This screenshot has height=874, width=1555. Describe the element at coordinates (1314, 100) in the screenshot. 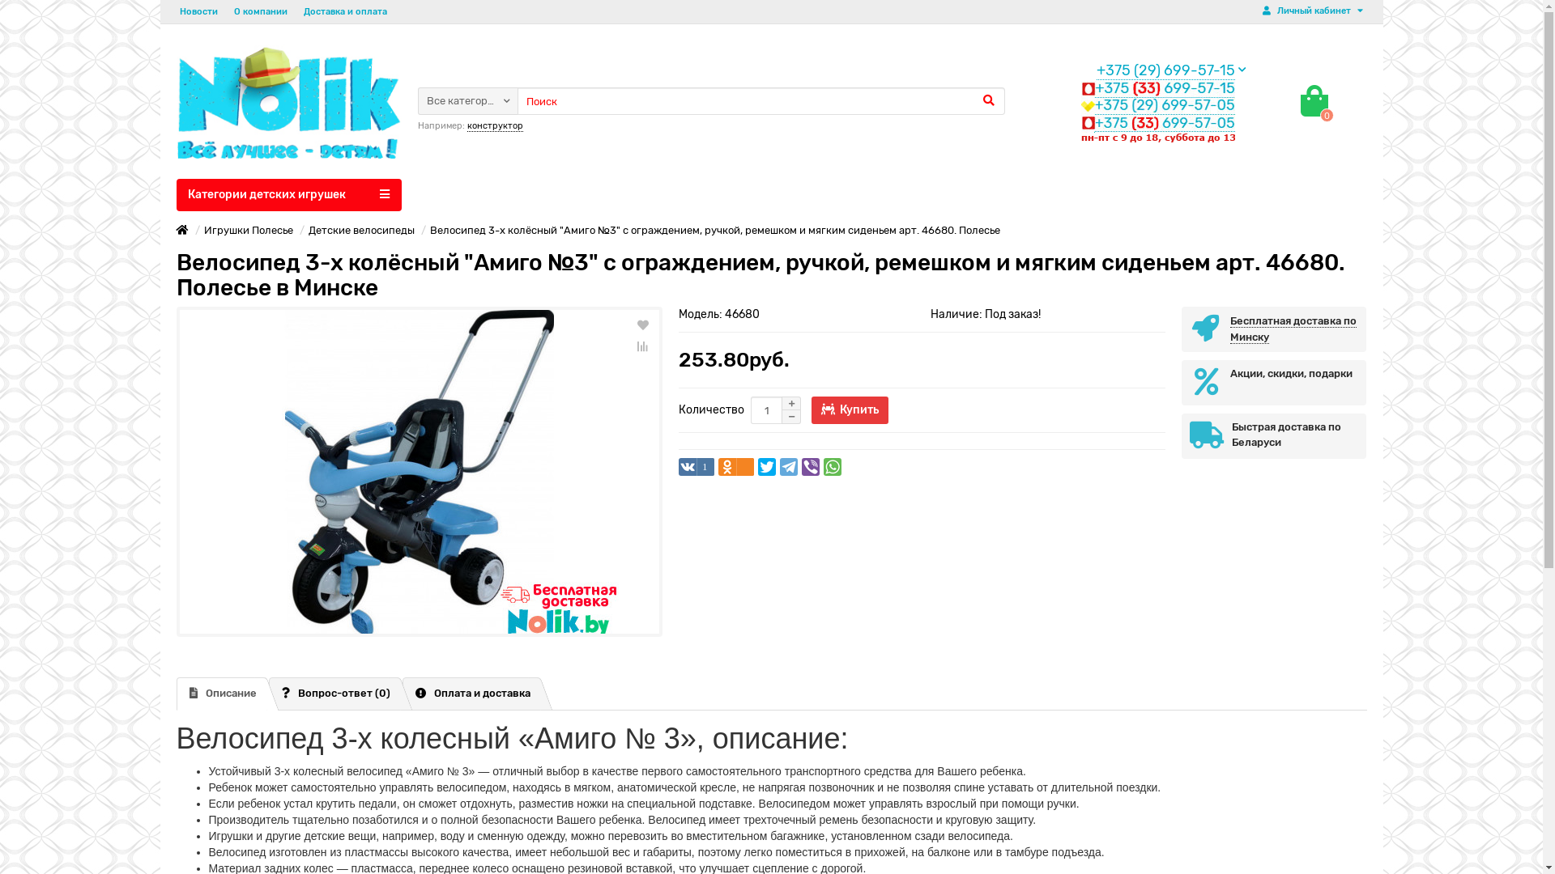

I see `'0'` at that location.